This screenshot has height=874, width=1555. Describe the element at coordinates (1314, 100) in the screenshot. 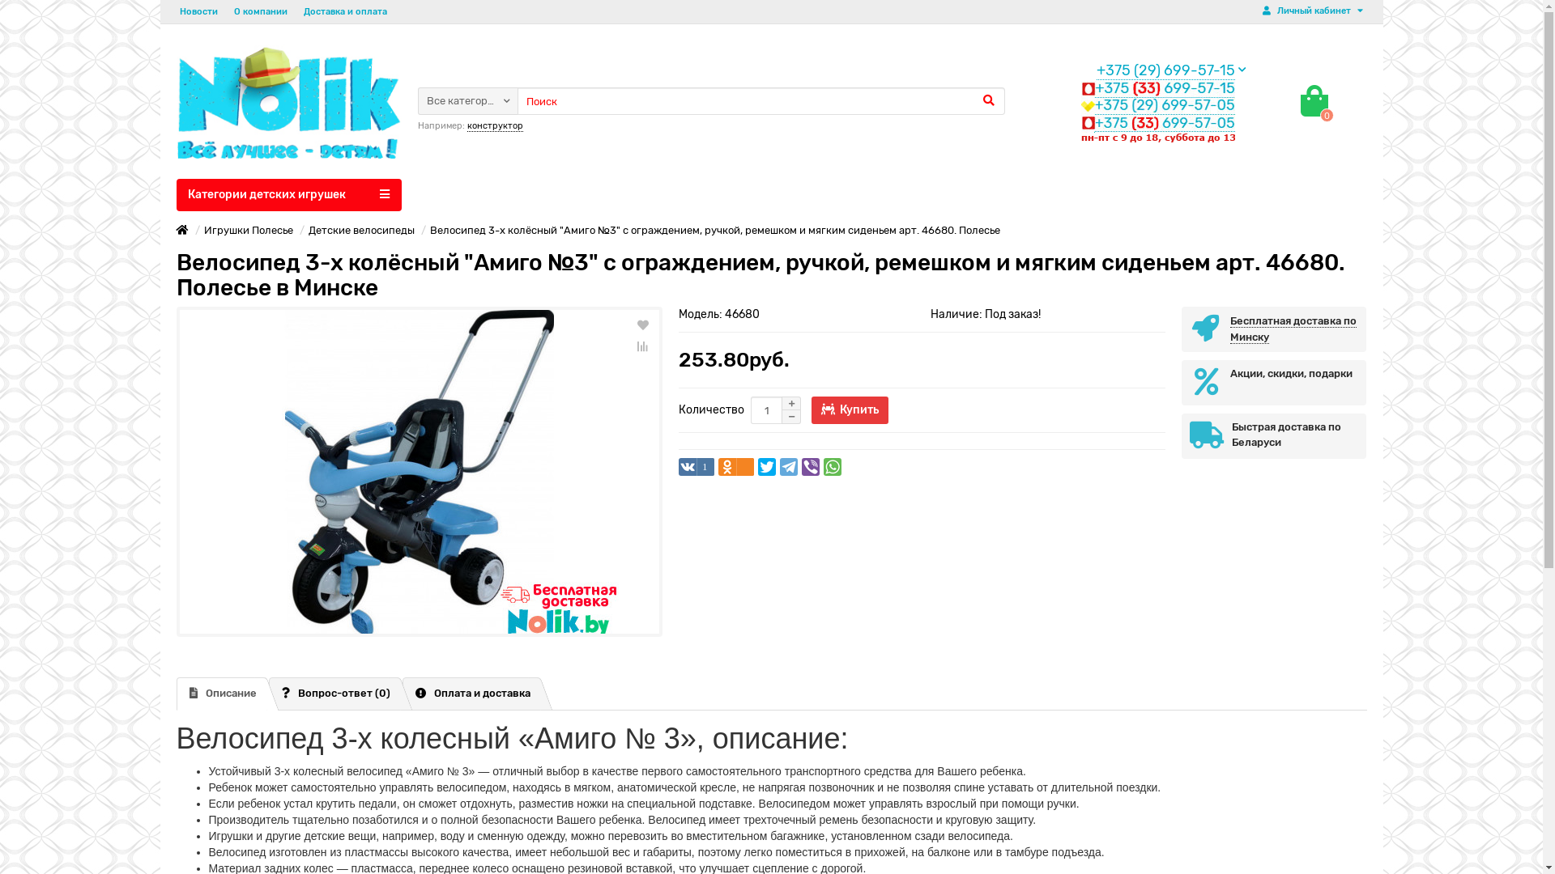

I see `'0'` at that location.